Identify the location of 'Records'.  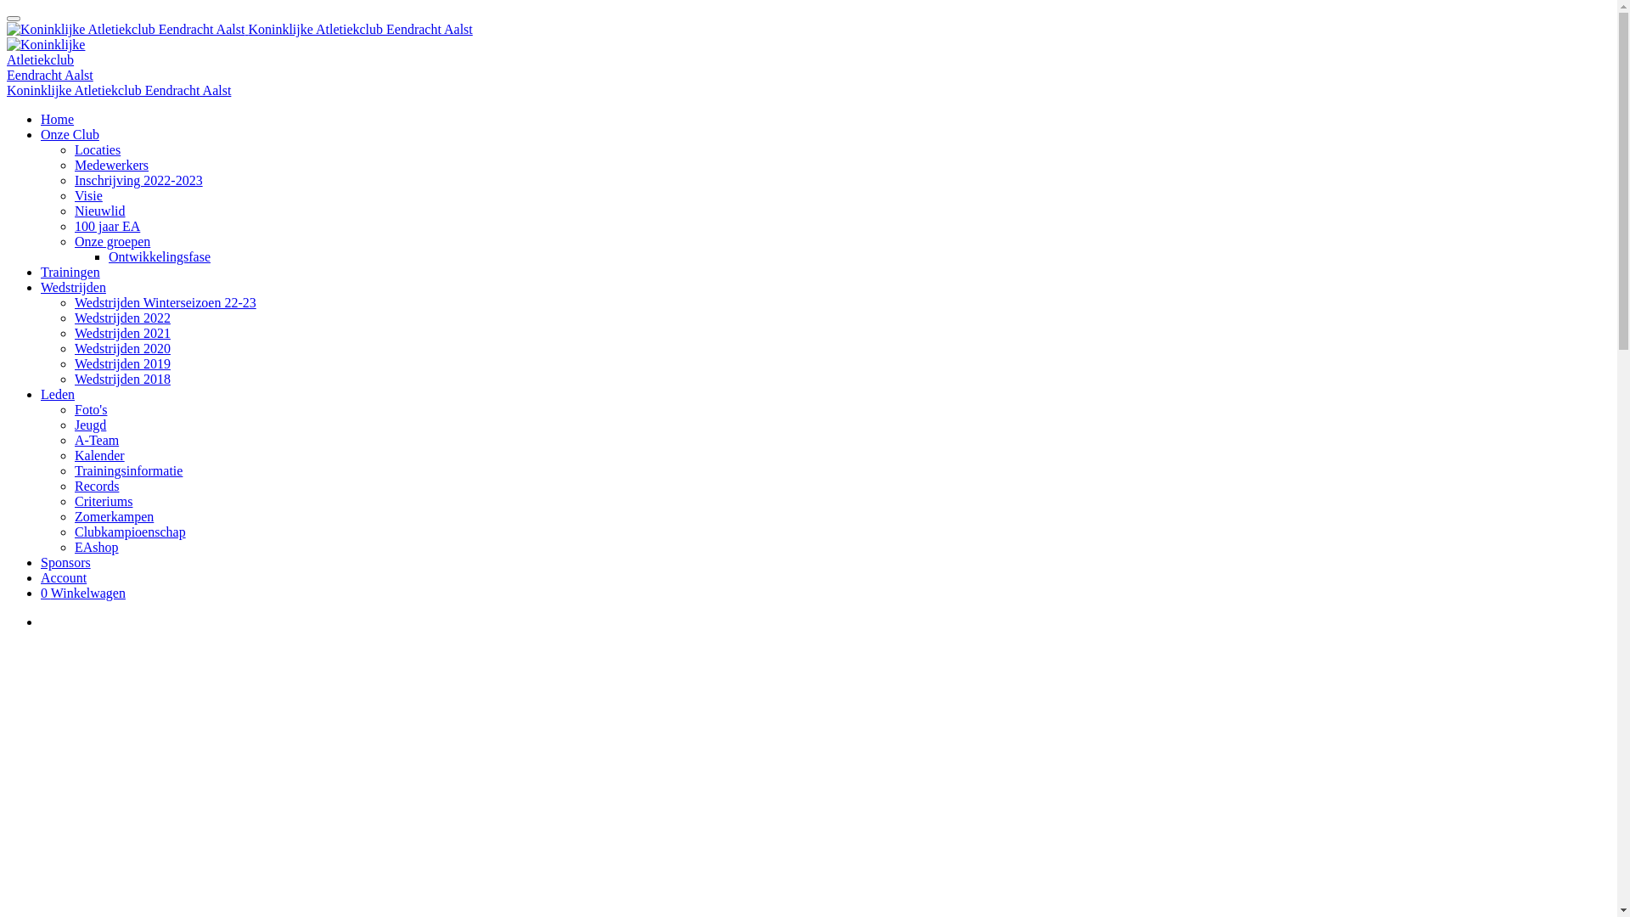
(96, 486).